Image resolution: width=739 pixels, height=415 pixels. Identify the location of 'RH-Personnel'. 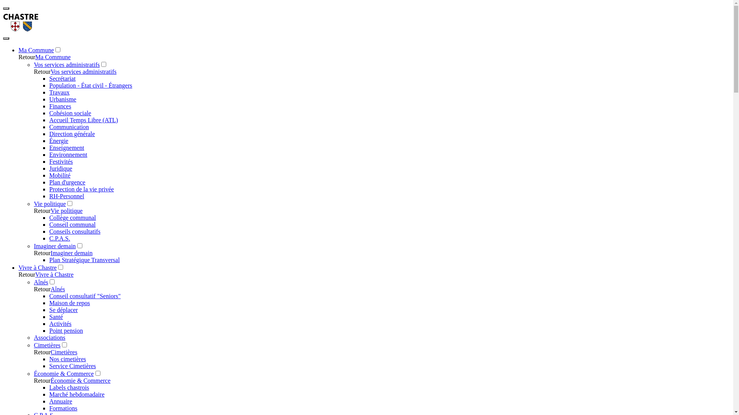
(67, 196).